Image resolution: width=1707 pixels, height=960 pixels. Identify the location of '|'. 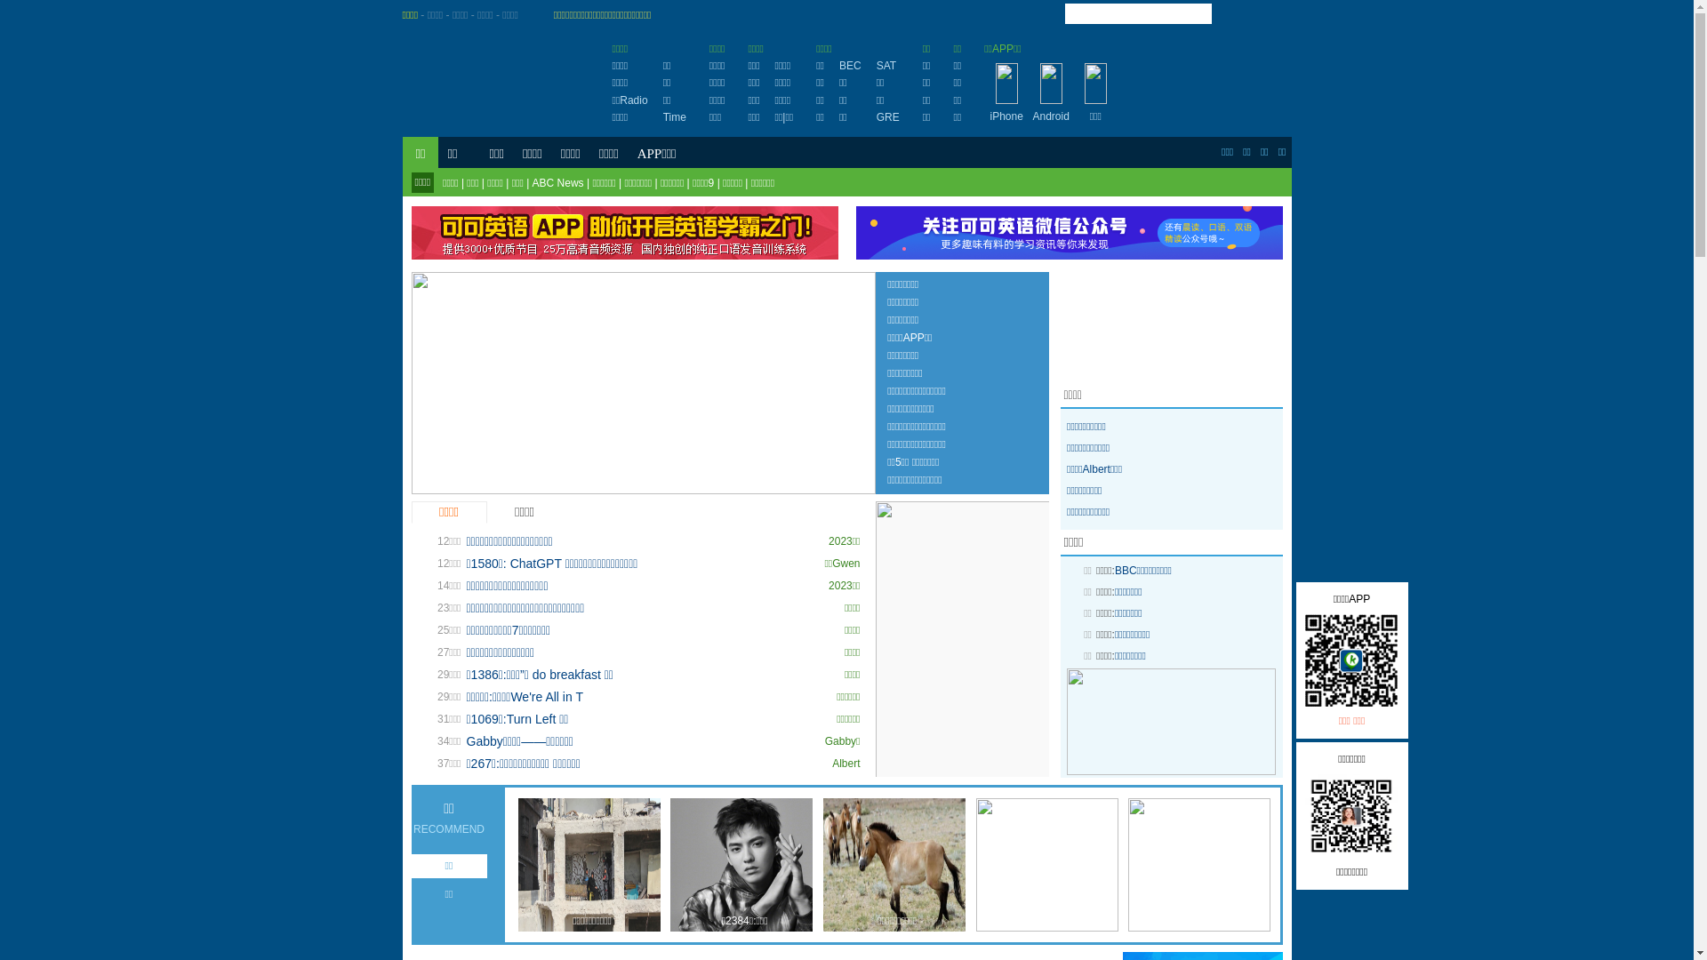
(782, 116).